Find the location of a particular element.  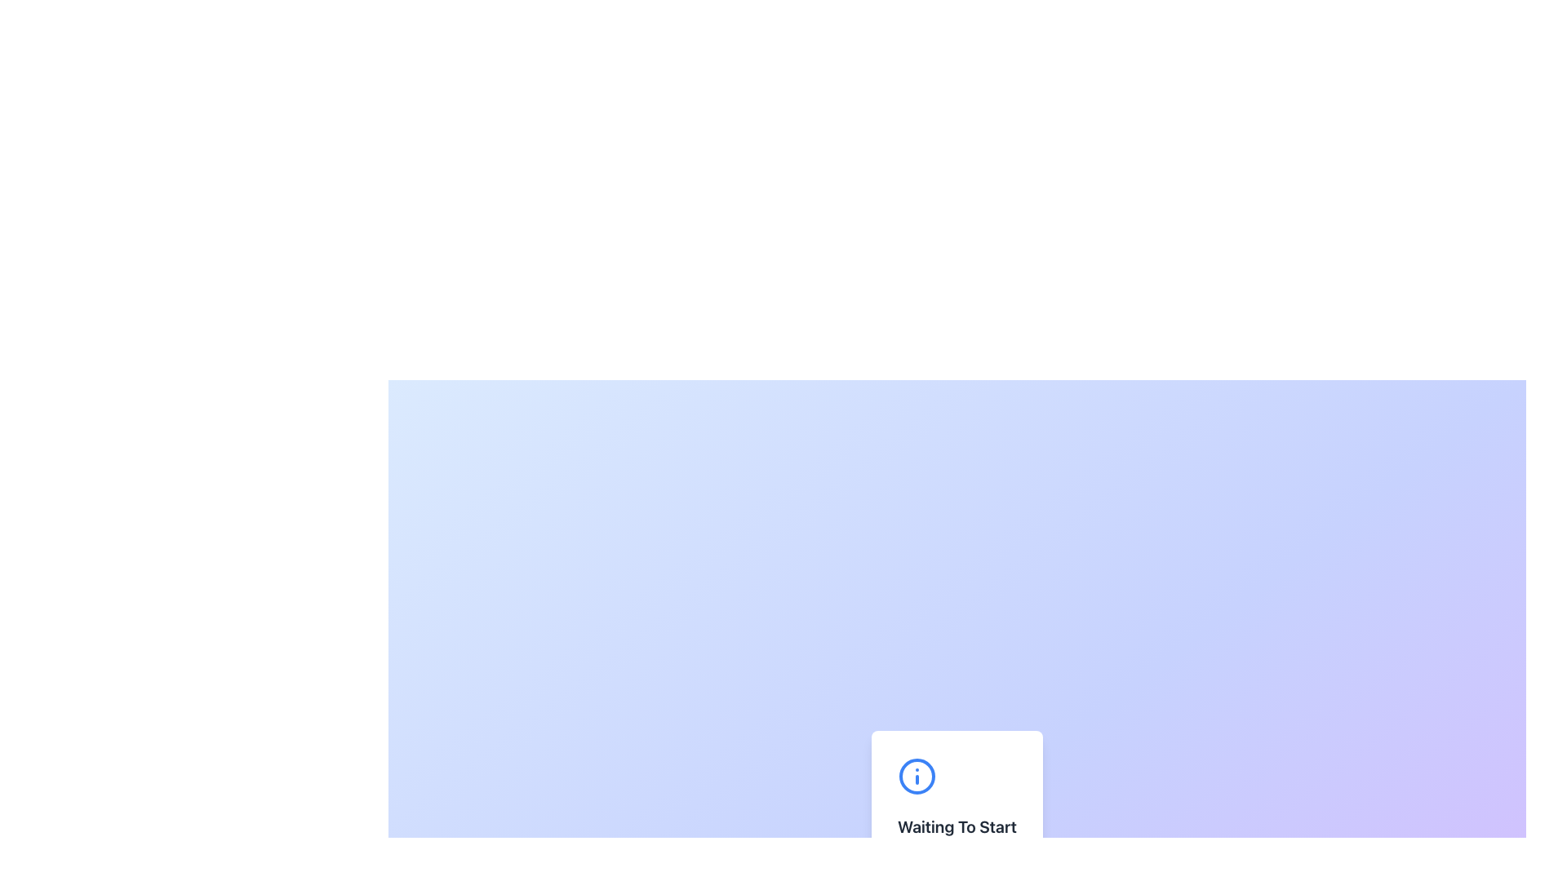

the help icon located above the 'Waiting To Start' text for accessibility tools is located at coordinates (917, 776).